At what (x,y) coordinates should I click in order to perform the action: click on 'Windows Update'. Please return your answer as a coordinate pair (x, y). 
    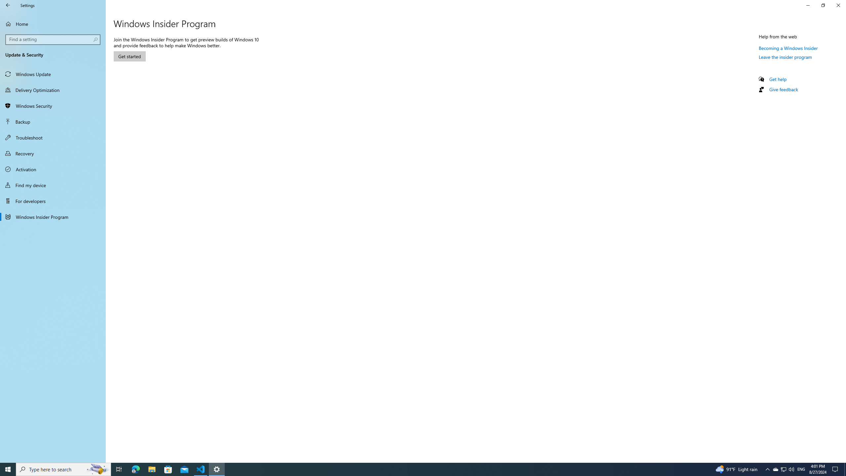
    Looking at the image, I should click on (53, 73).